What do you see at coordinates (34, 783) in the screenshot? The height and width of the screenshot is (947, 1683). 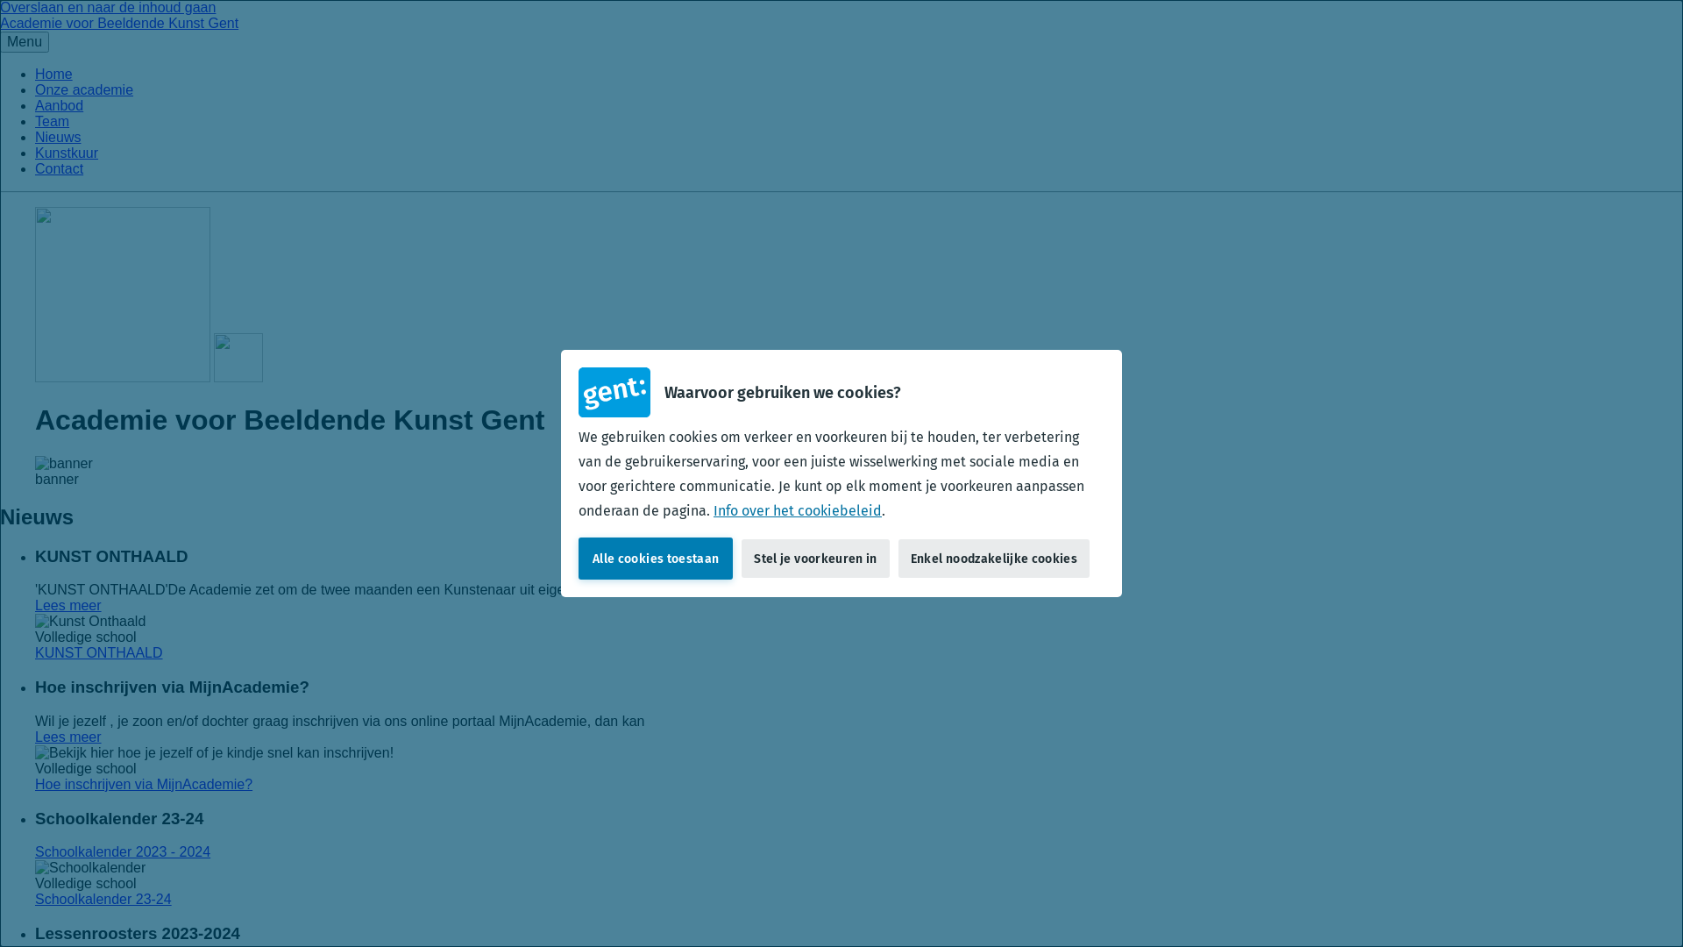 I see `'Hoe inschrijven via MijnAcademie?'` at bounding box center [34, 783].